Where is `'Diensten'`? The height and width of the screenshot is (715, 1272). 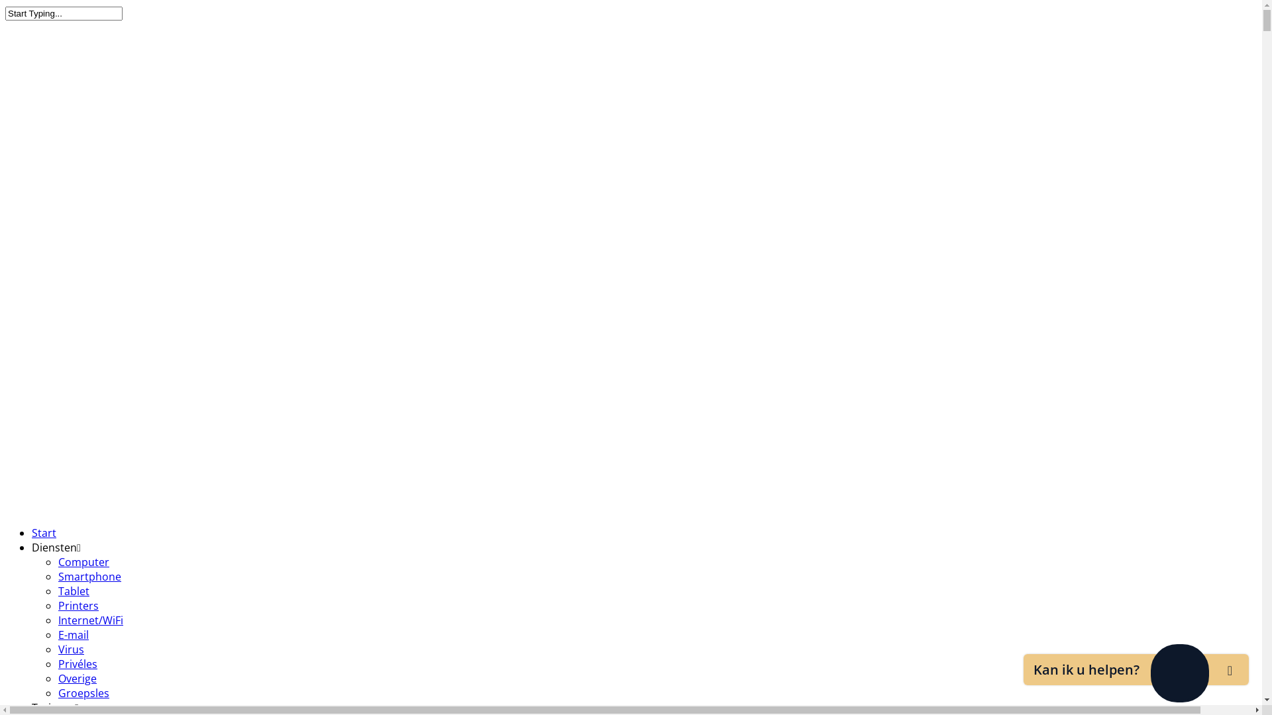 'Diensten' is located at coordinates (56, 547).